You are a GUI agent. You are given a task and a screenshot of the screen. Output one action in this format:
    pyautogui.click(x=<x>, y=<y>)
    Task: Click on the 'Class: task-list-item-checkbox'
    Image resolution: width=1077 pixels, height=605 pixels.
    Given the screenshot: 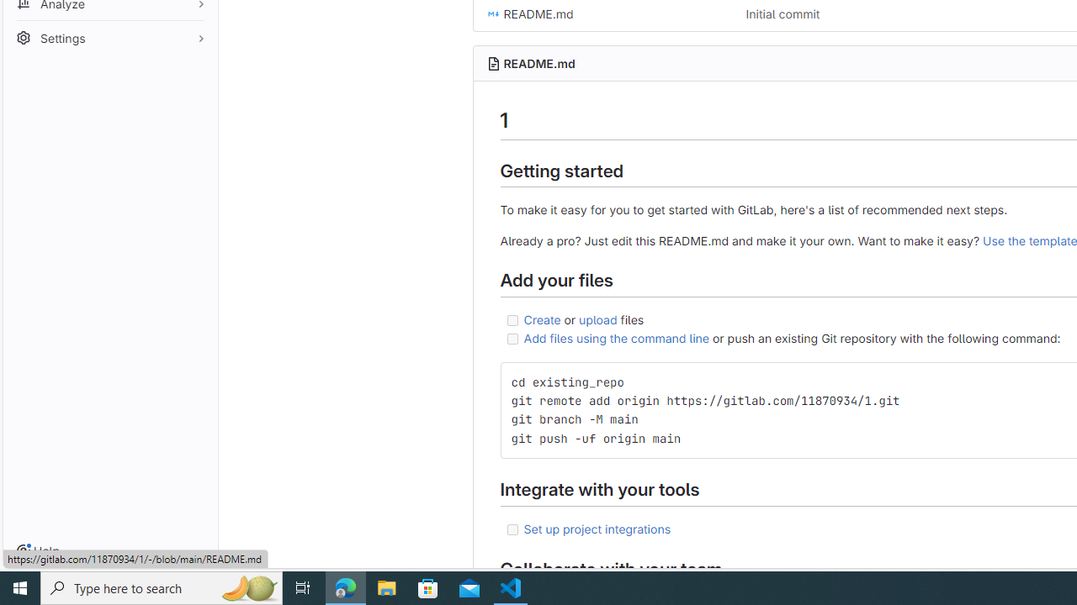 What is the action you would take?
    pyautogui.click(x=511, y=529)
    